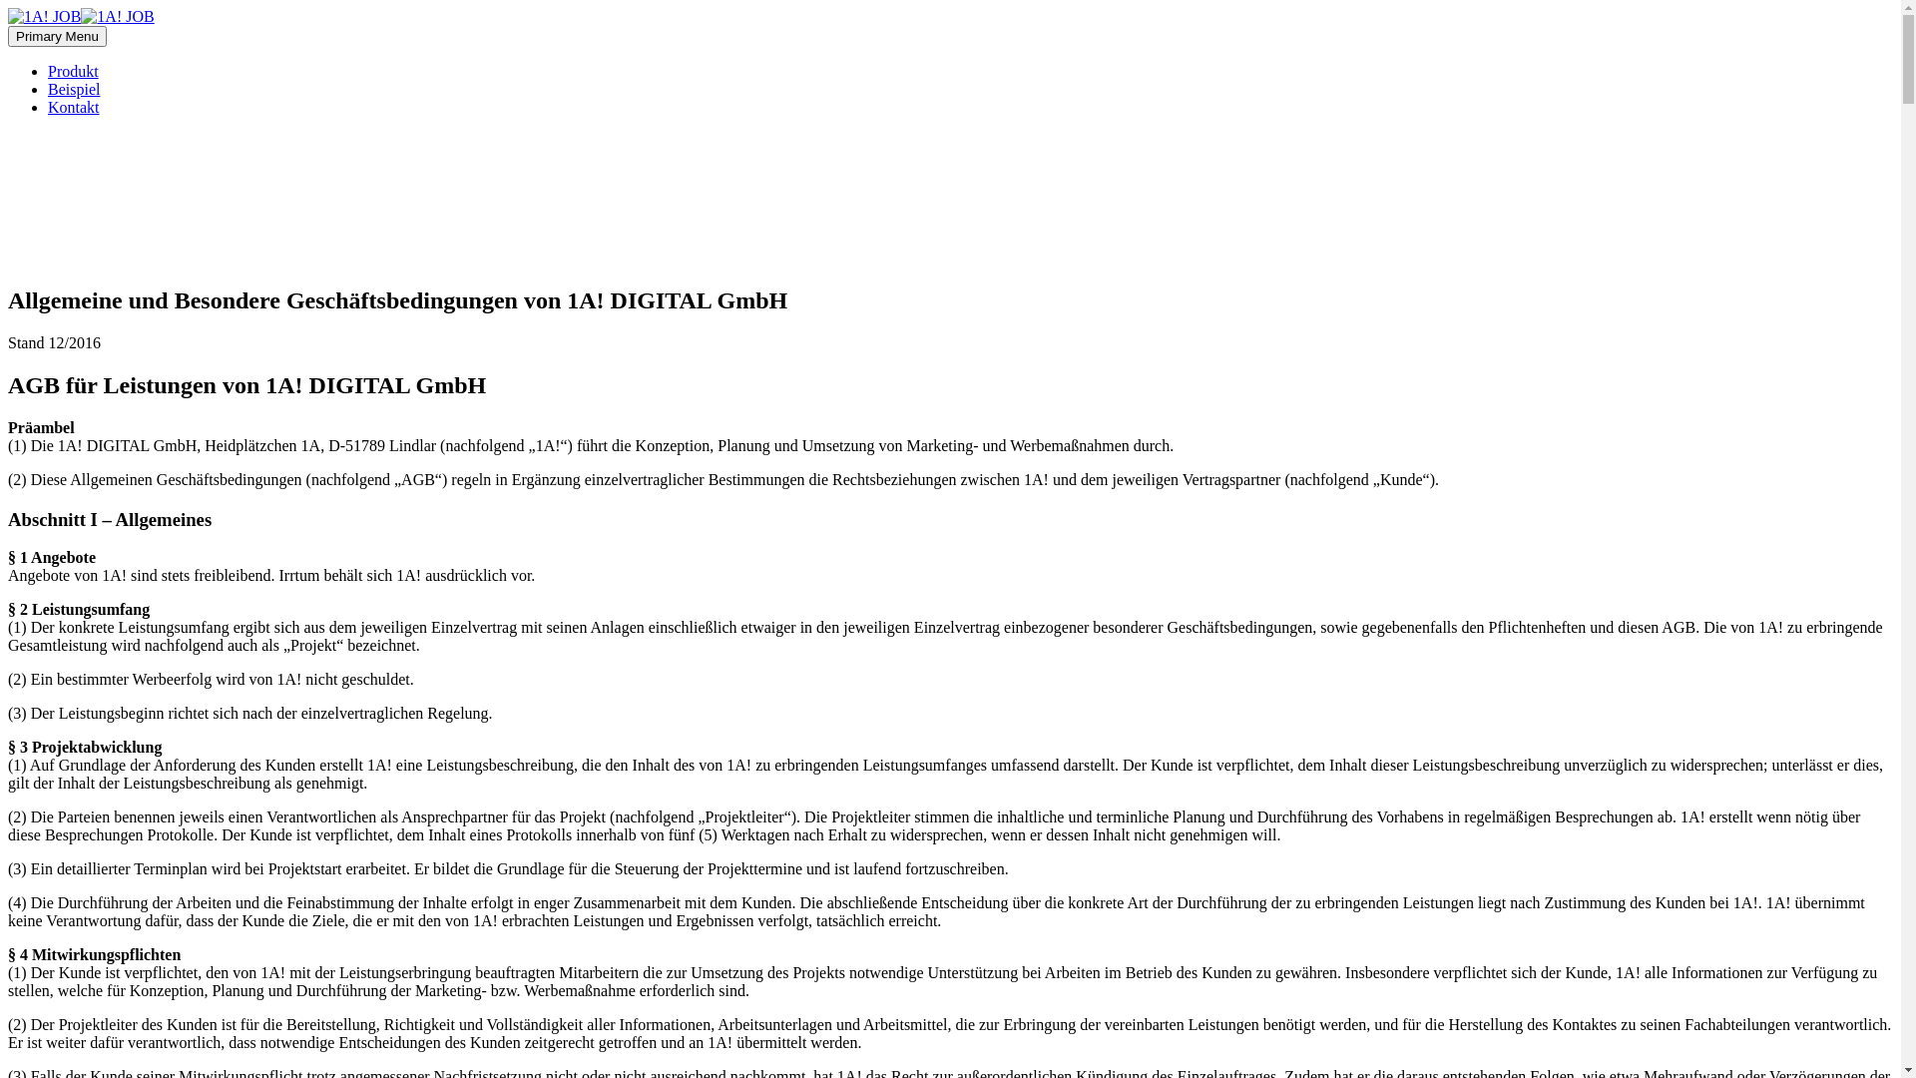 This screenshot has height=1078, width=1916. I want to click on 'Beispiel', so click(73, 88).